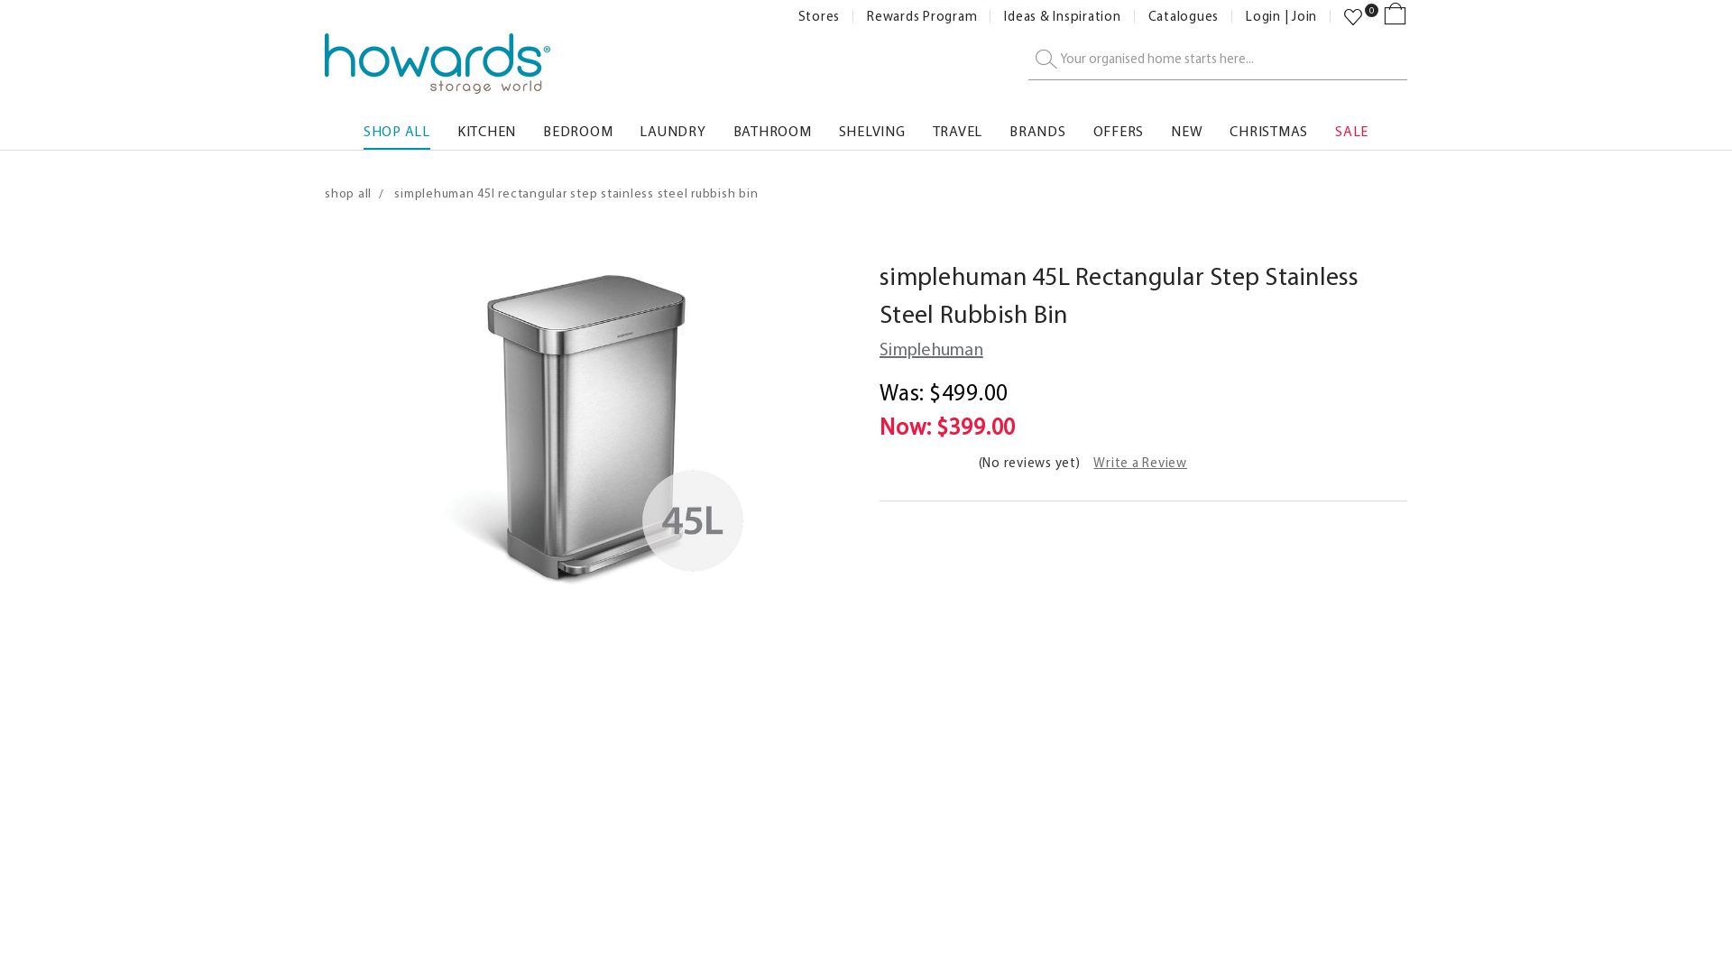 This screenshot has height=974, width=1732. I want to click on 'SHELVING', so click(871, 126).